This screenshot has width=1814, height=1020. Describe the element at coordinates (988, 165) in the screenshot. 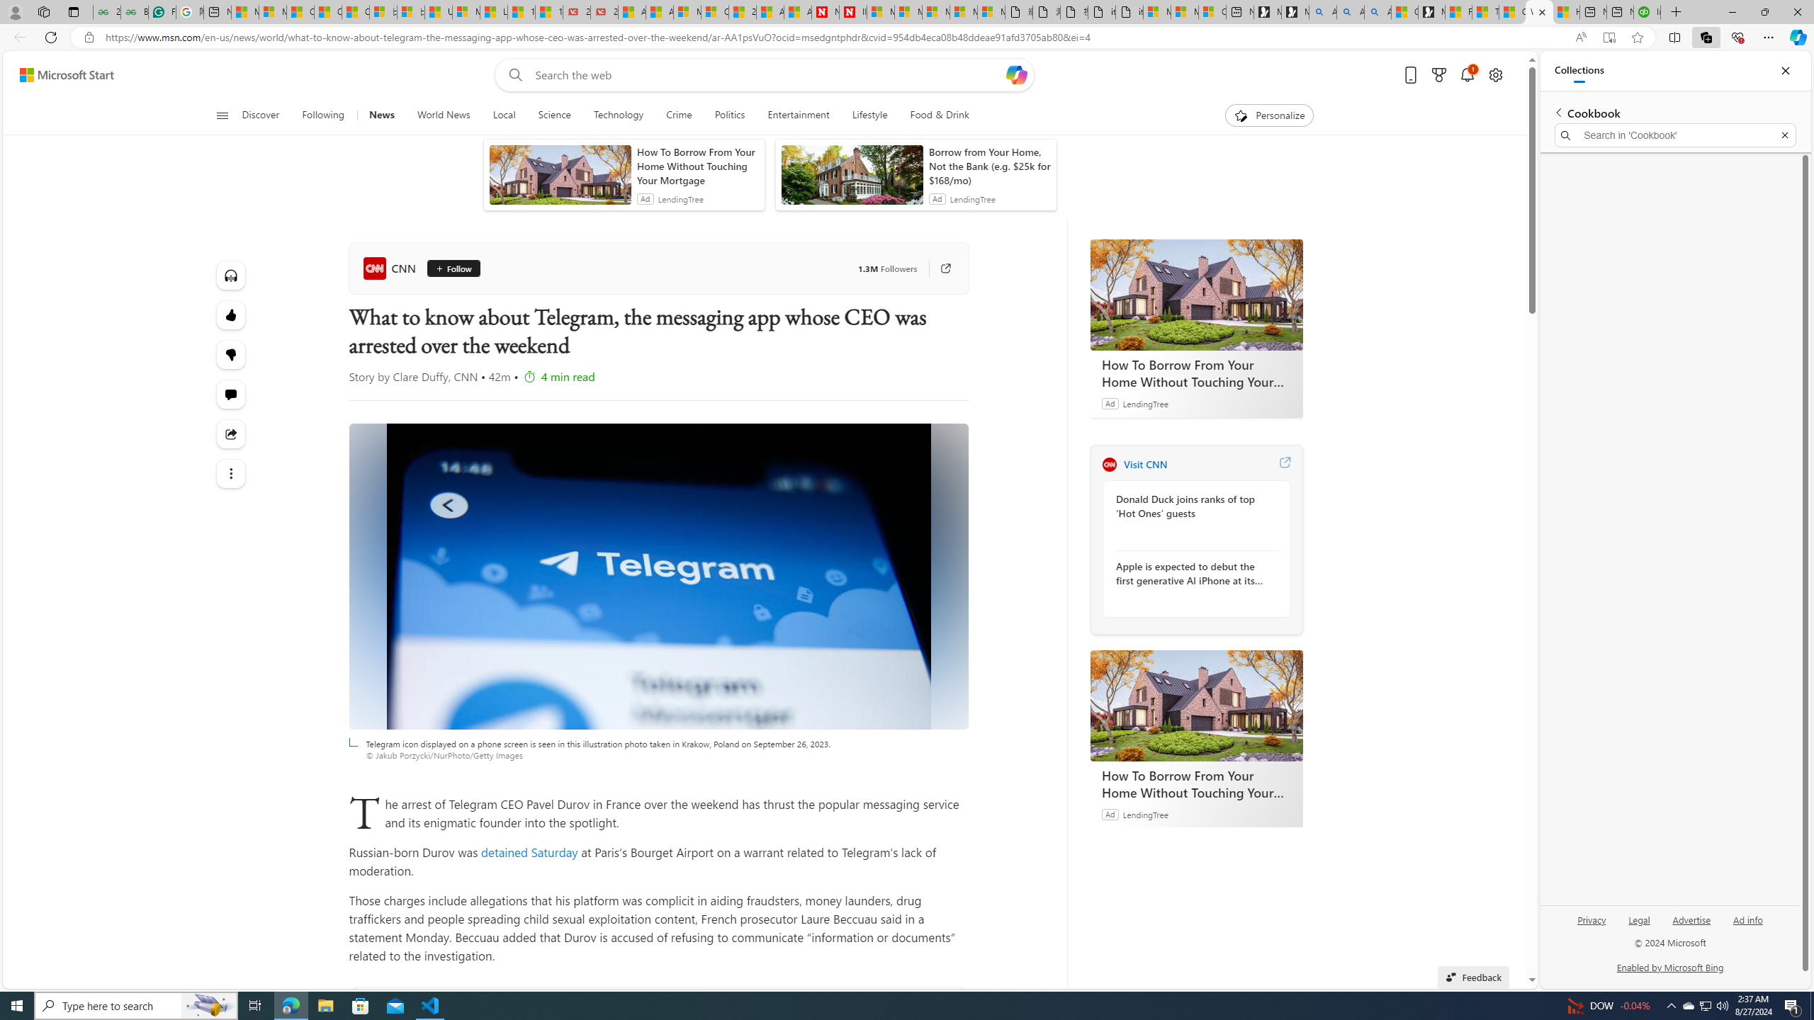

I see `'Borrow from Your Home, Not the Bank (e.g. $25k for $168/mo)'` at that location.